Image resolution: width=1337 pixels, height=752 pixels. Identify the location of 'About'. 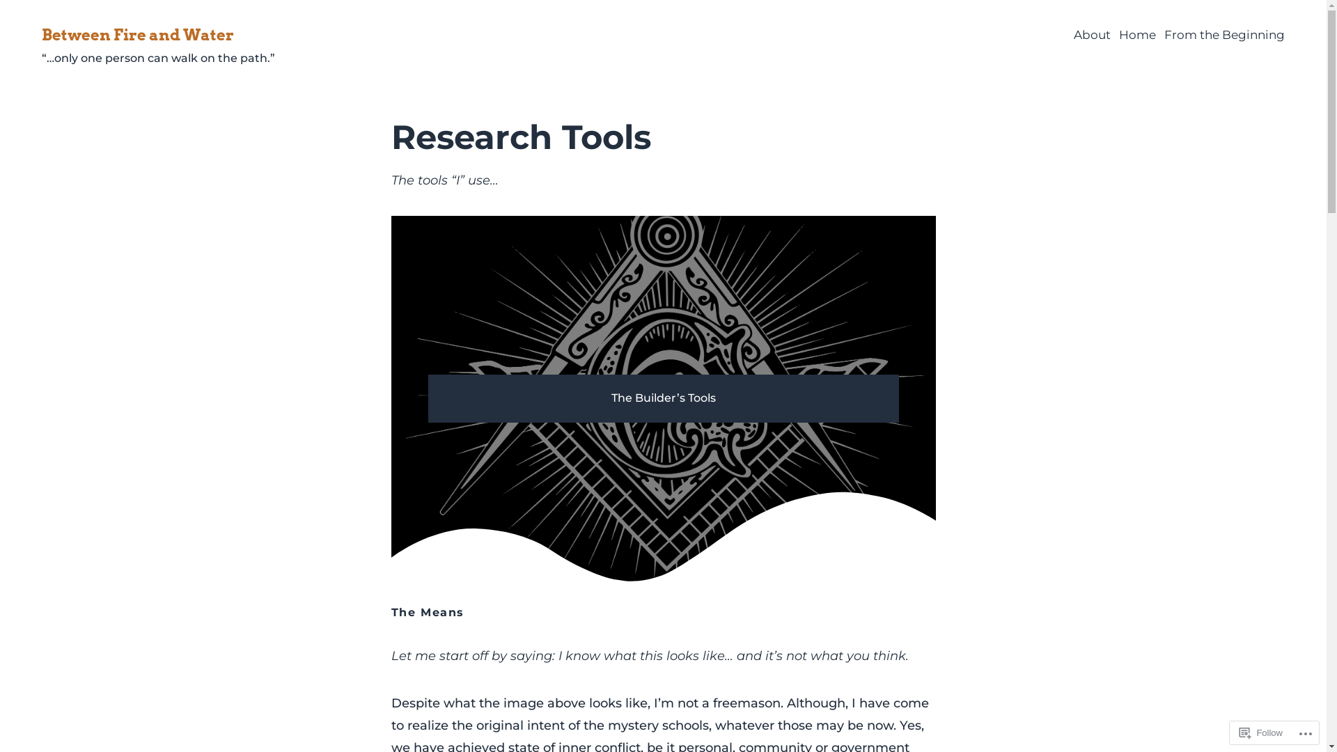
(1091, 34).